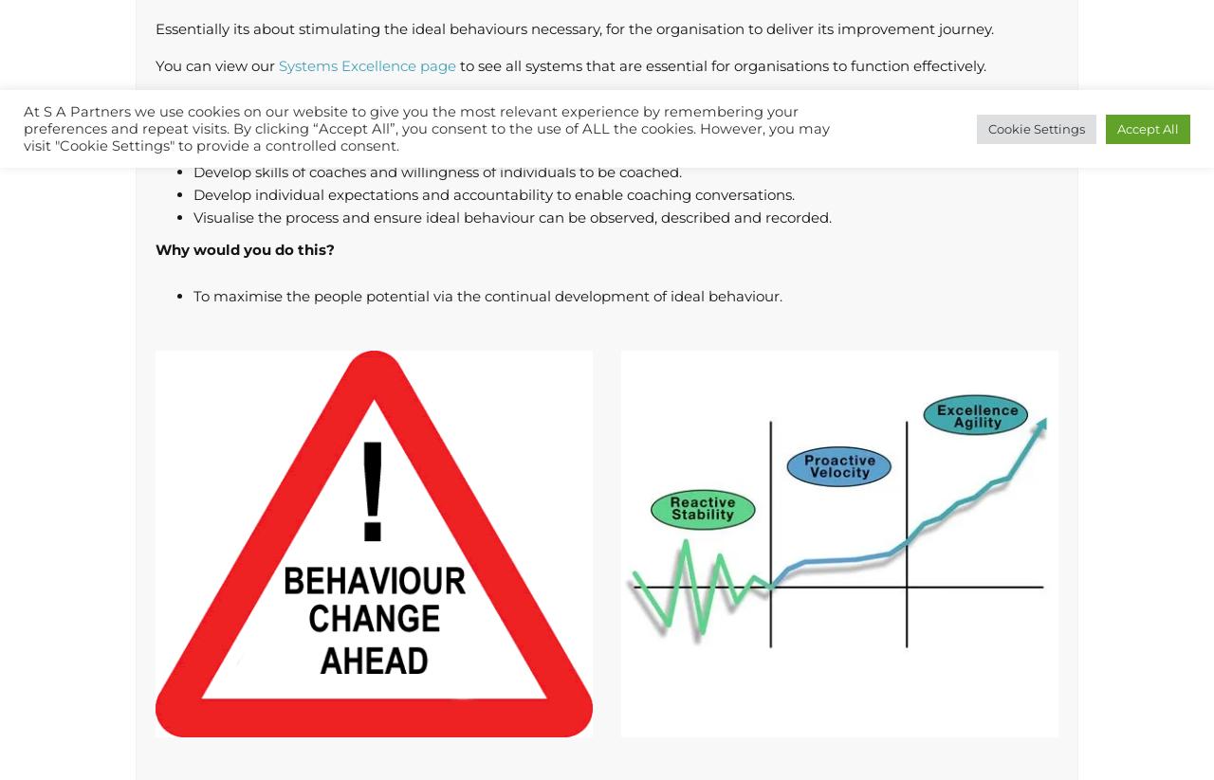 Image resolution: width=1214 pixels, height=780 pixels. What do you see at coordinates (487, 295) in the screenshot?
I see `'To maximise the people potential via the continual development of ideal behaviour.'` at bounding box center [487, 295].